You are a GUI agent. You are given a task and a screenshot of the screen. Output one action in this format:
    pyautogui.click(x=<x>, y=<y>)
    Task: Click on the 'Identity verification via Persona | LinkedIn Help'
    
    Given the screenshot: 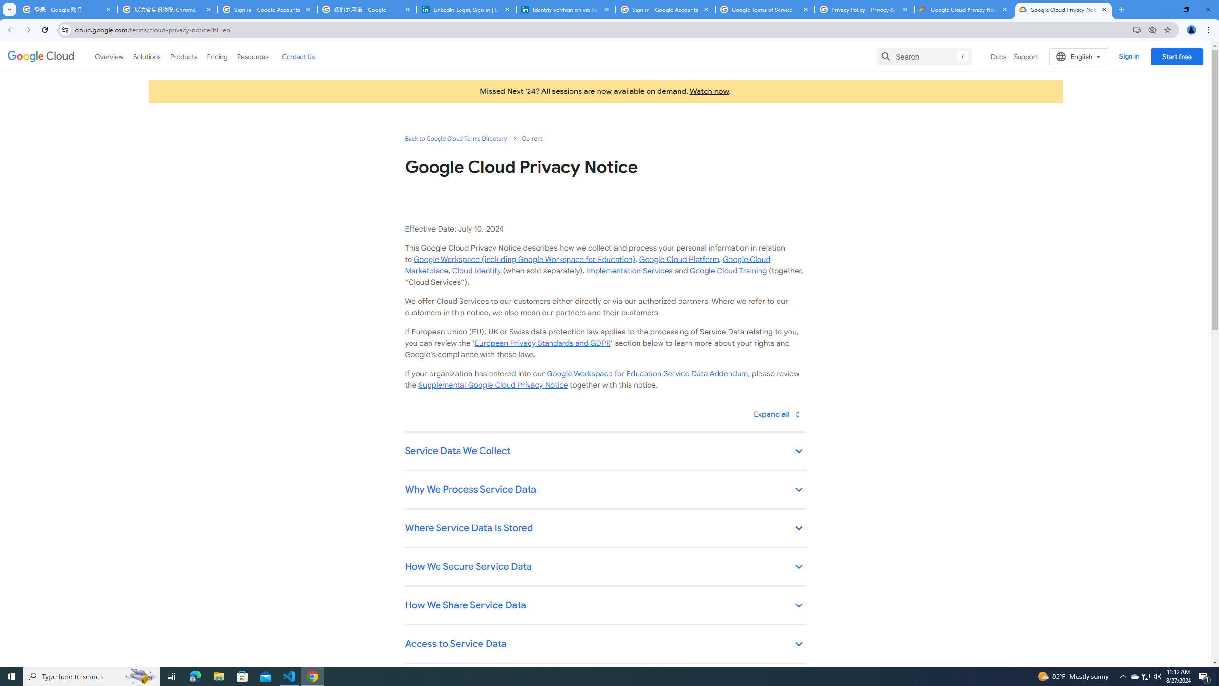 What is the action you would take?
    pyautogui.click(x=566, y=9)
    